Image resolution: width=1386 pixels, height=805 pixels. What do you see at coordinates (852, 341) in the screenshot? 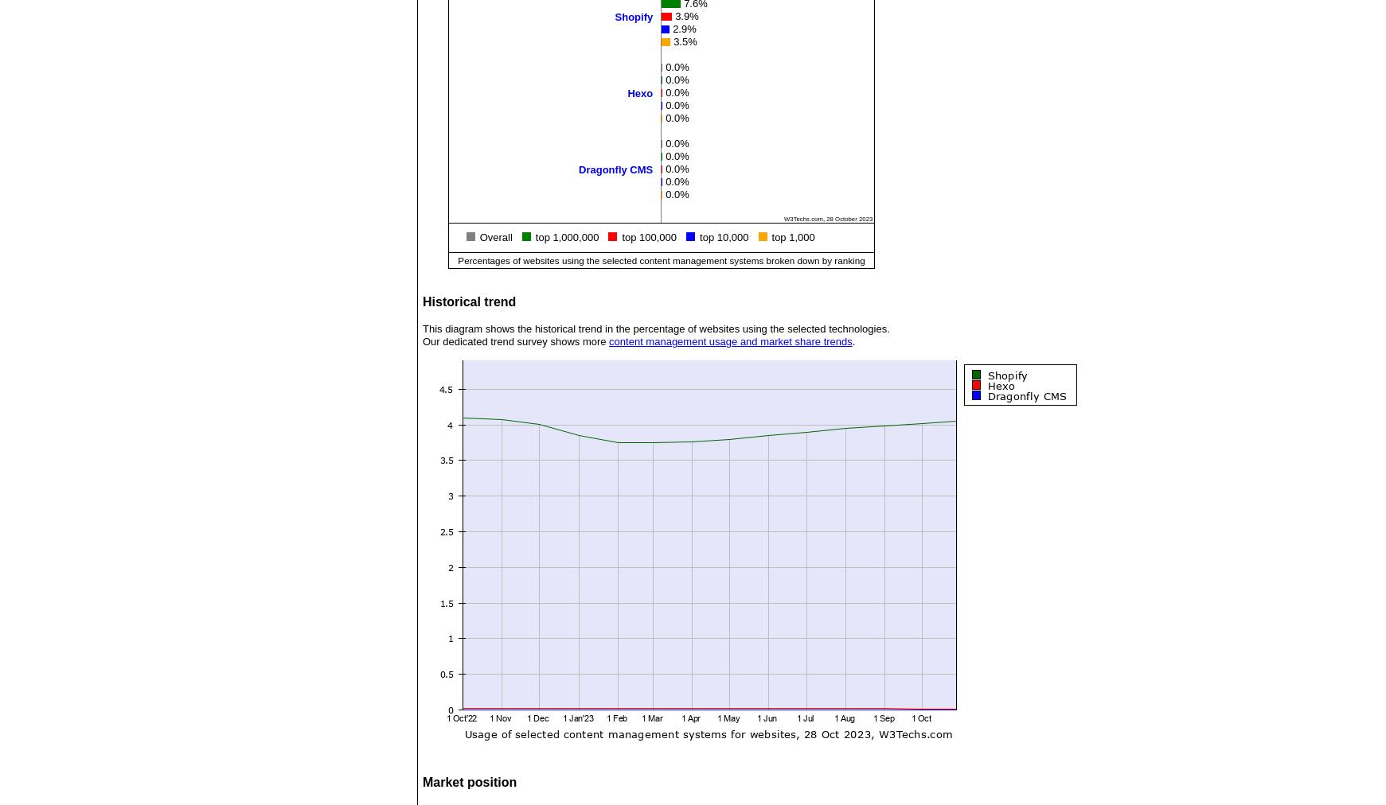
I see `'.'` at bounding box center [852, 341].